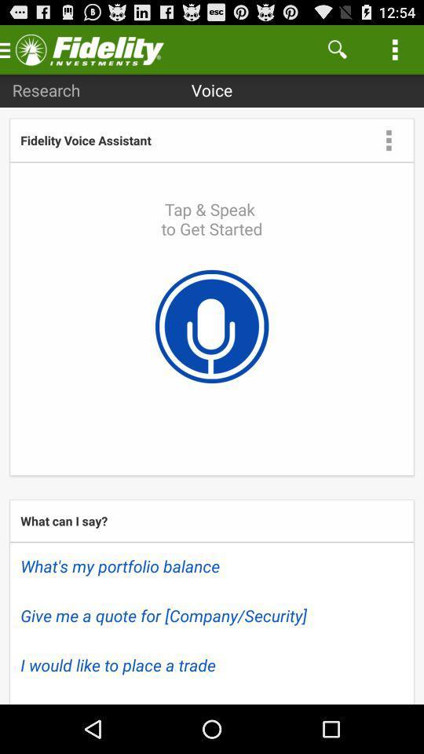  I want to click on the icon to the right of voice app, so click(336, 49).